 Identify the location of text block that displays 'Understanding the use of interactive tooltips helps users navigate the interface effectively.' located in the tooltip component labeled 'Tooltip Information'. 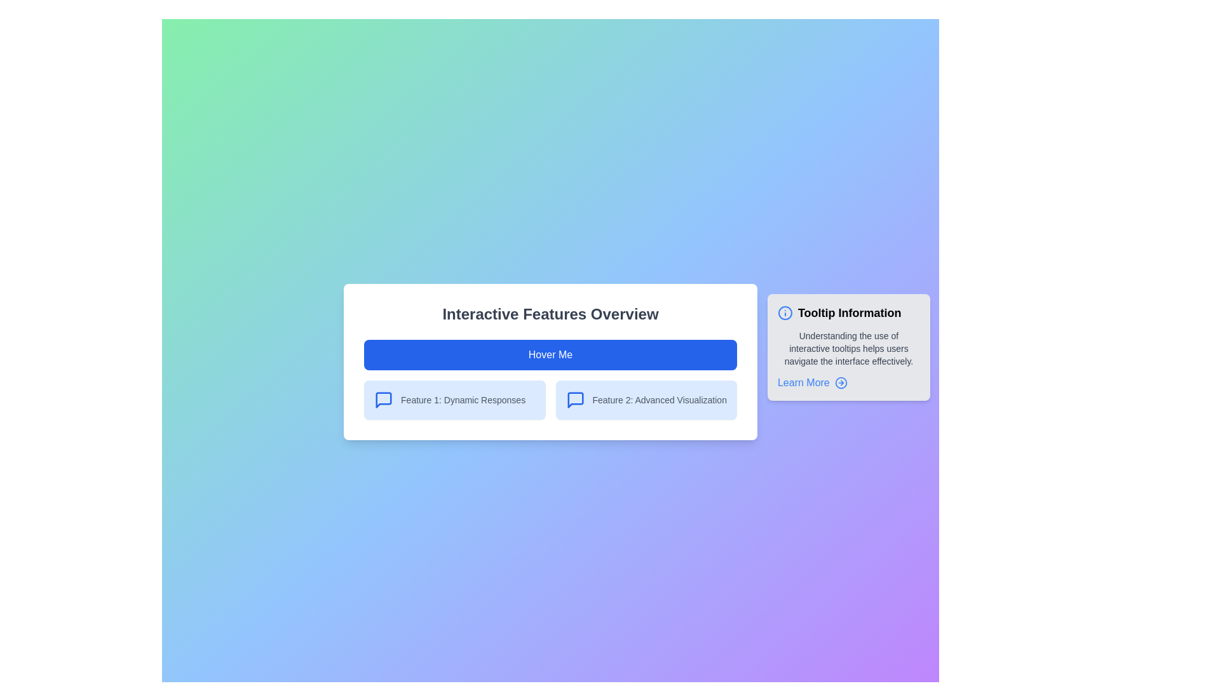
(848, 348).